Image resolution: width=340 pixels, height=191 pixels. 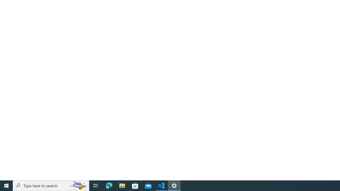 I want to click on 'Task View', so click(x=95, y=185).